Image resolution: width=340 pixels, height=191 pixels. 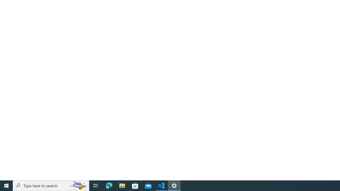 I want to click on 'Task View', so click(x=95, y=185).